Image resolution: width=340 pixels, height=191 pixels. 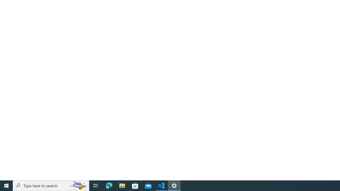 I want to click on 'Task View', so click(x=95, y=185).